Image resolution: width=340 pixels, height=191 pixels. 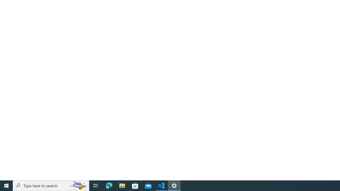 I want to click on 'Task View', so click(x=95, y=185).